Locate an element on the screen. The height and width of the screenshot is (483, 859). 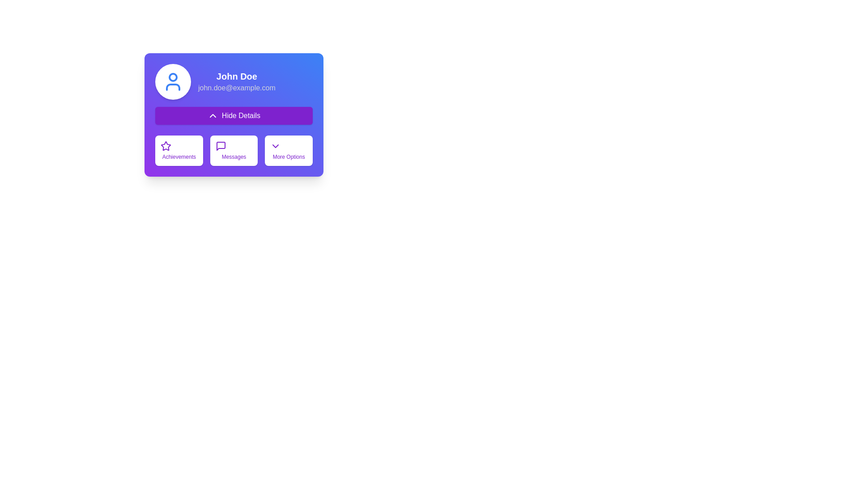
the text label displaying the email address 'john.doe@example.com', which is styled in gray and positioned under the name 'John Doe' within the user profile card is located at coordinates (237, 88).